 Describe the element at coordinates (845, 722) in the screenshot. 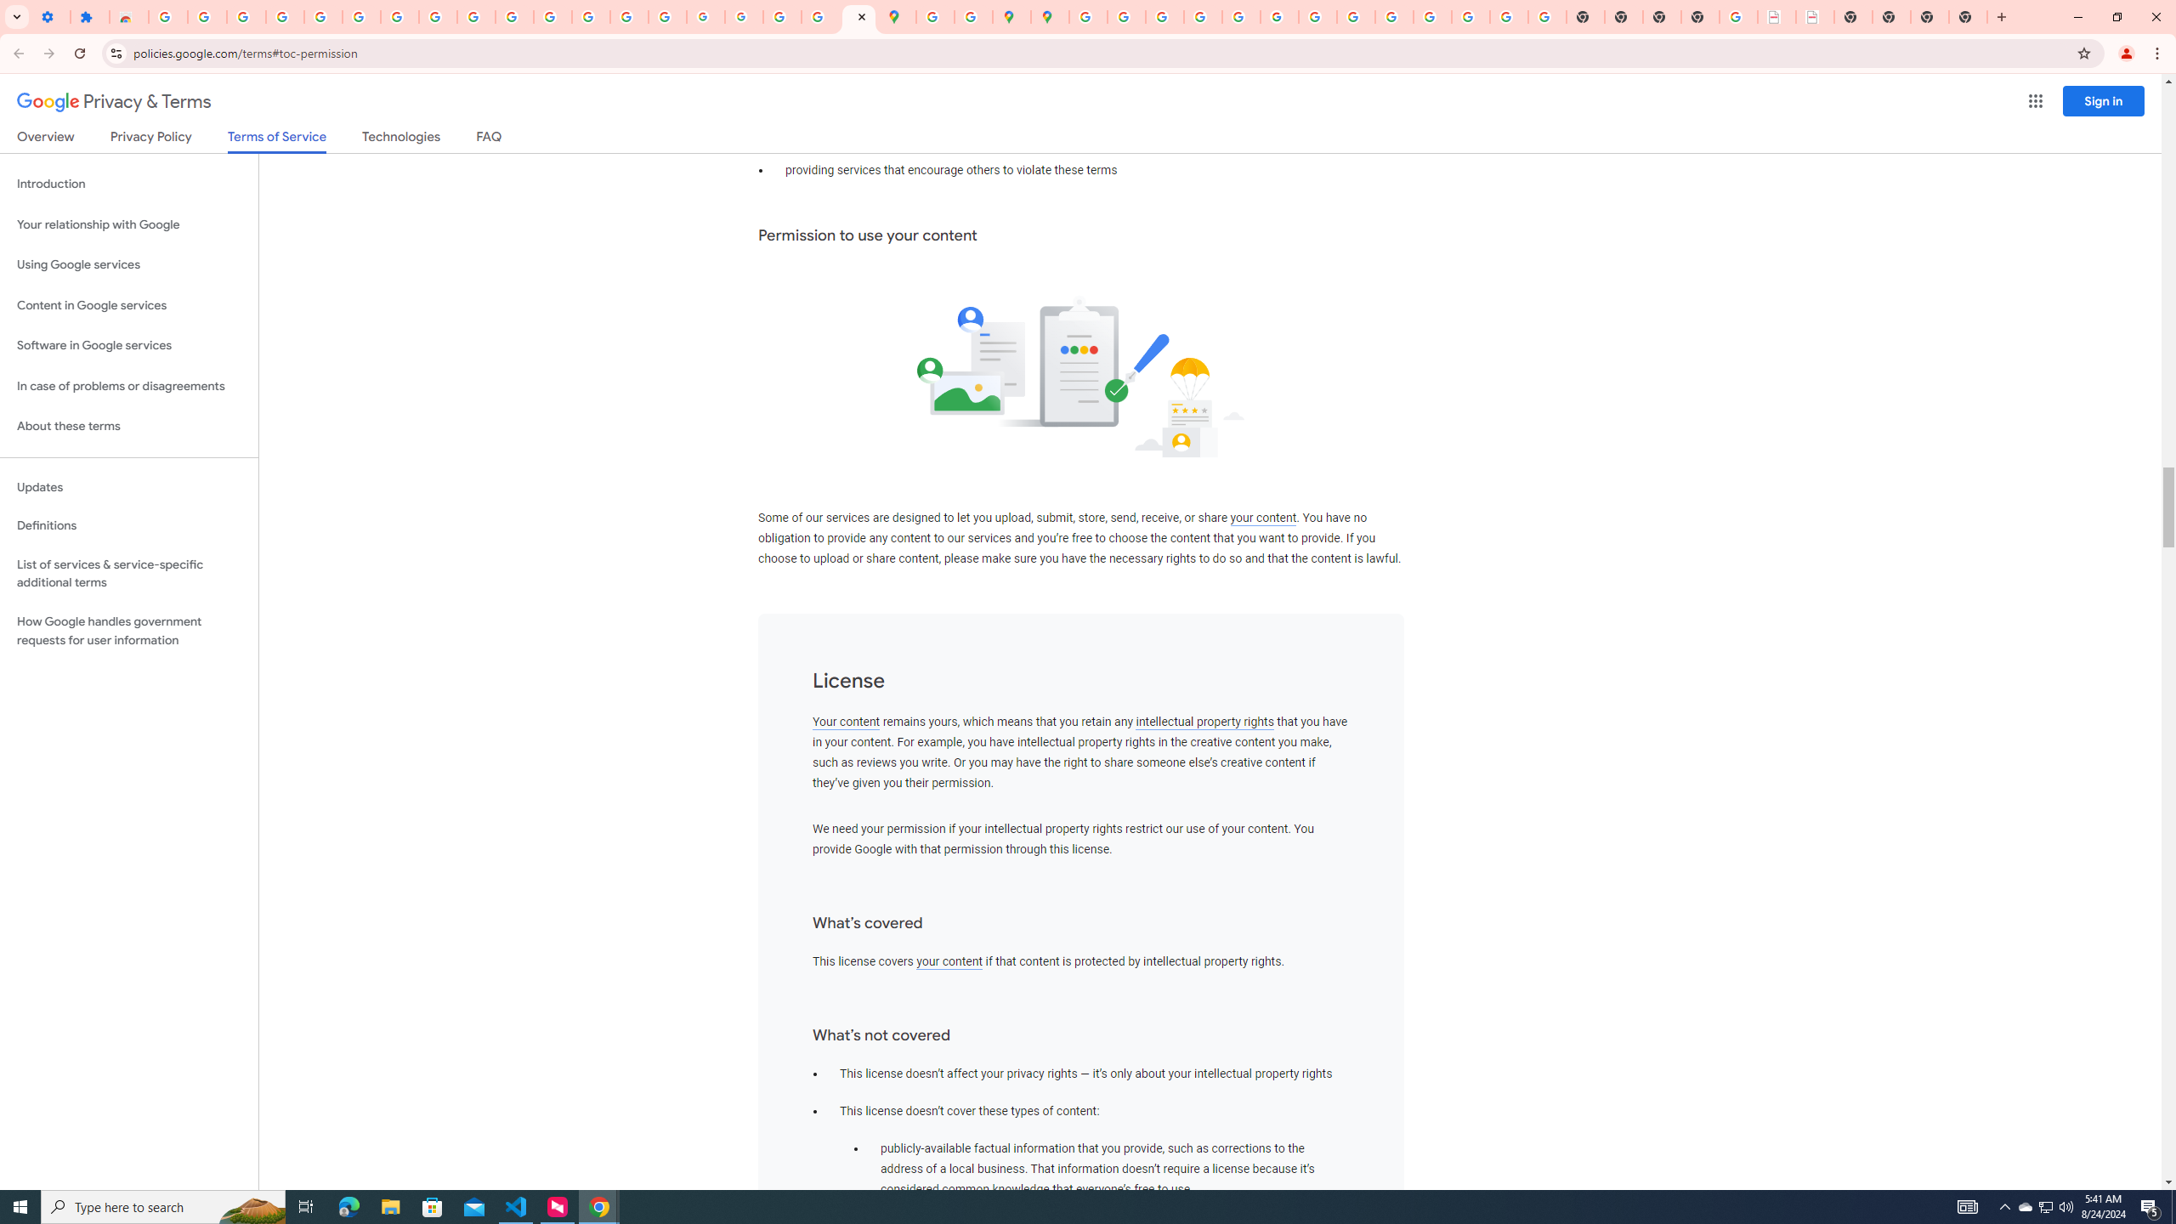

I see `'Your content'` at that location.